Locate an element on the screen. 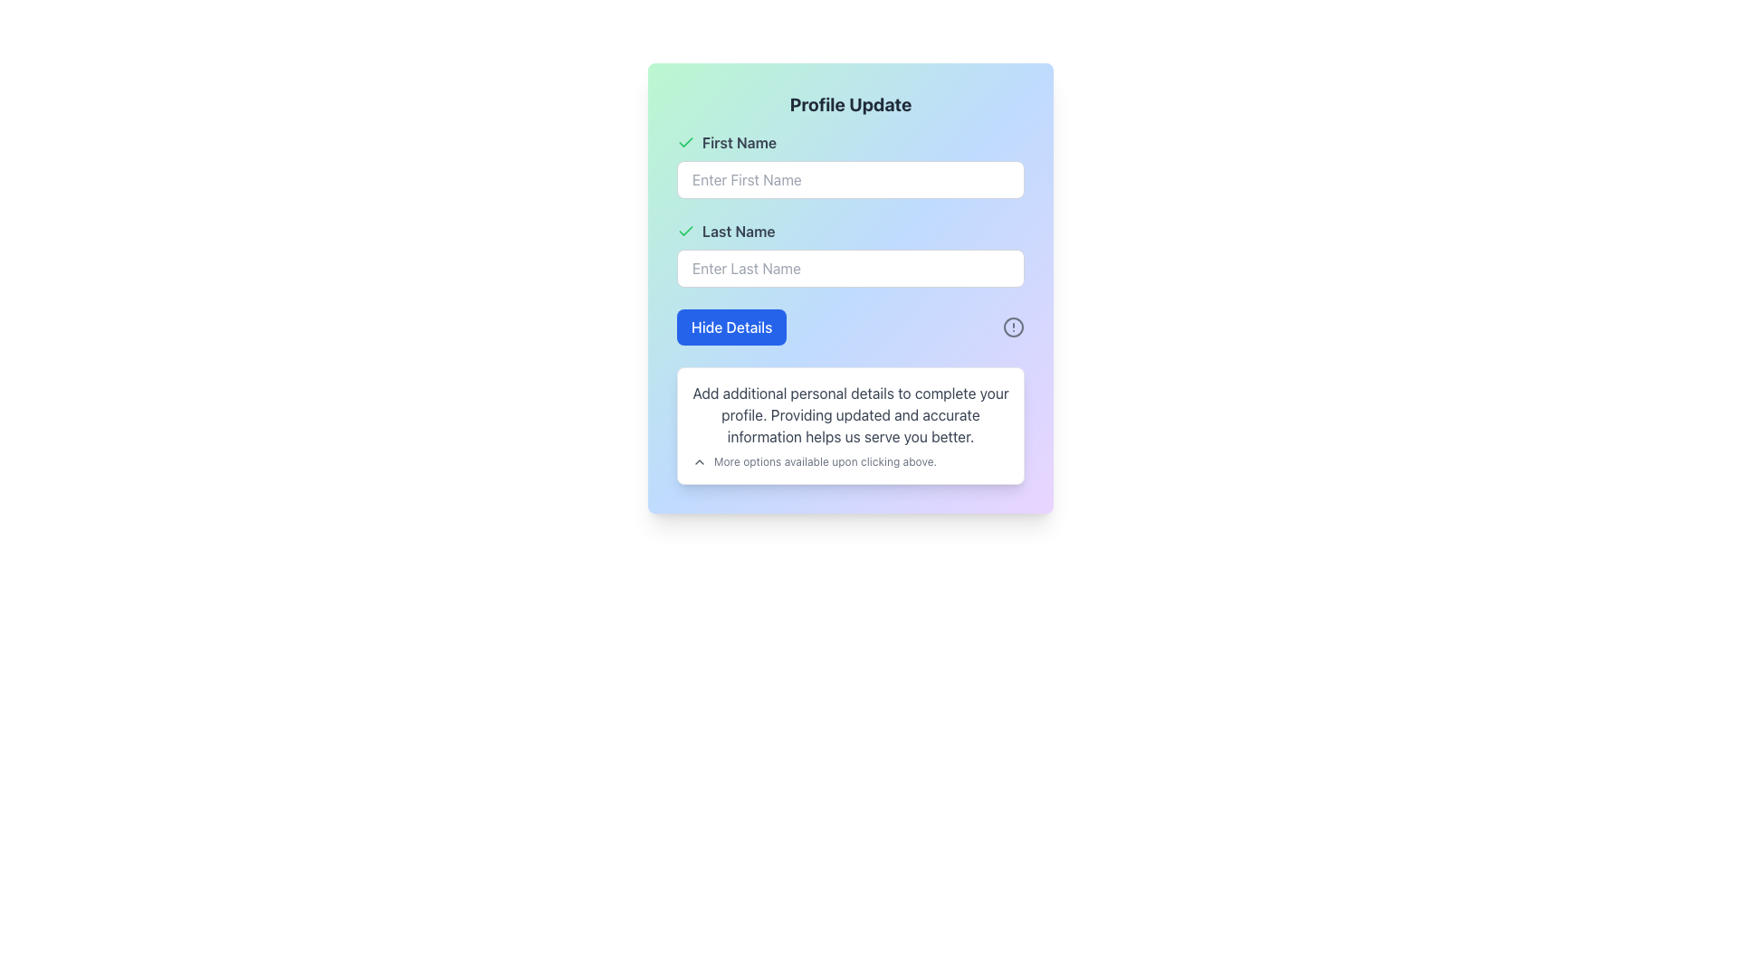 The width and height of the screenshot is (1738, 977). the completion icon indicating correctness for the 'Last Name' field, located to the left of the 'Last Name' label is located at coordinates (685, 230).